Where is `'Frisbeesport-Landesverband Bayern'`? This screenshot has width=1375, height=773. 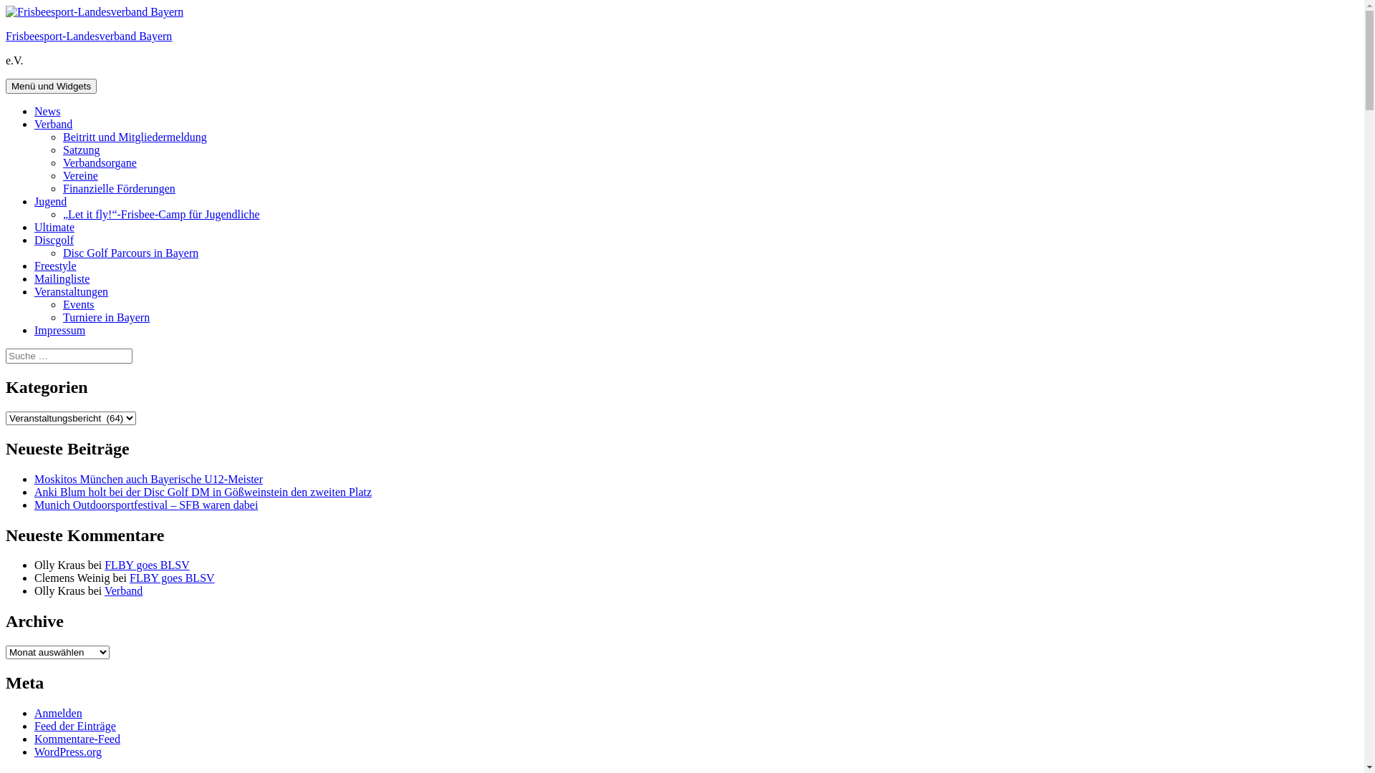
'Frisbeesport-Landesverband Bayern' is located at coordinates (88, 35).